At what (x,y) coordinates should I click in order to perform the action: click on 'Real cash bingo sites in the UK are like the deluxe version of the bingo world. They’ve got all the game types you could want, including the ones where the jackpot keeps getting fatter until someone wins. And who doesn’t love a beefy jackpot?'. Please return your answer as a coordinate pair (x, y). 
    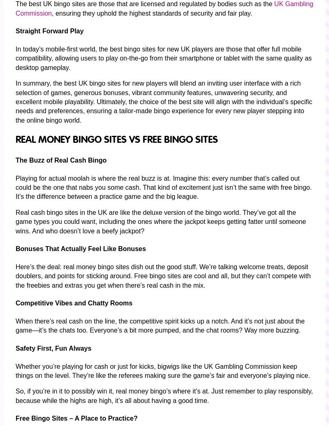
    Looking at the image, I should click on (15, 221).